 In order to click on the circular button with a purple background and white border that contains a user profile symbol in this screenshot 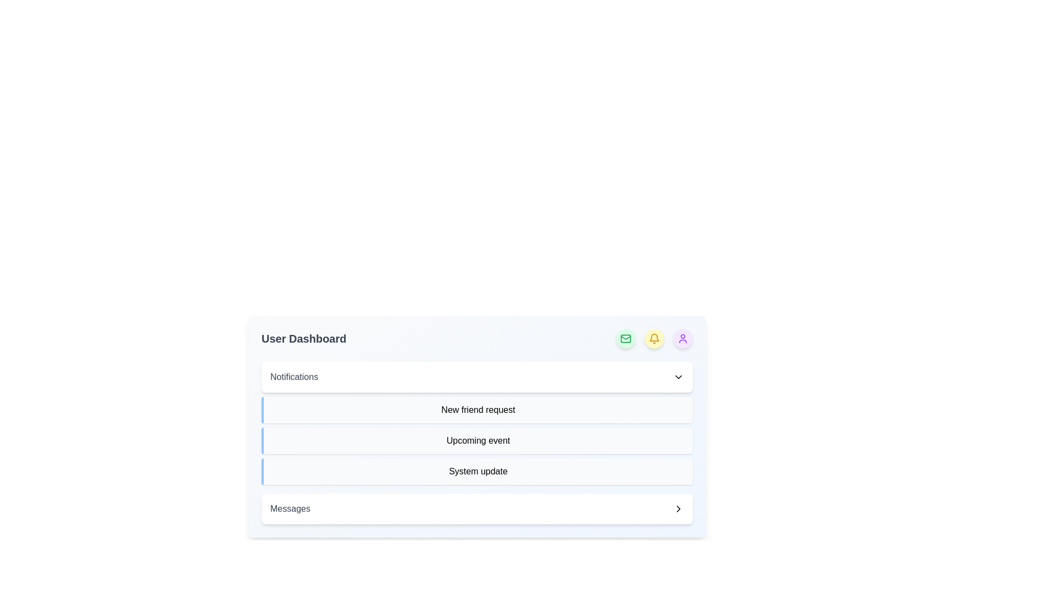, I will do `click(682, 338)`.